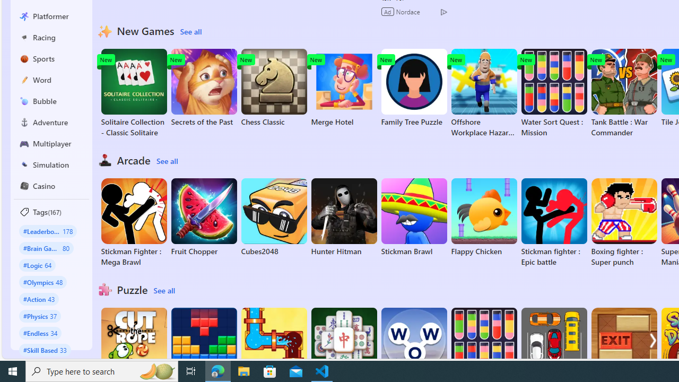 The width and height of the screenshot is (679, 382). Describe the element at coordinates (45, 350) in the screenshot. I see `'#Skill Based 33'` at that location.